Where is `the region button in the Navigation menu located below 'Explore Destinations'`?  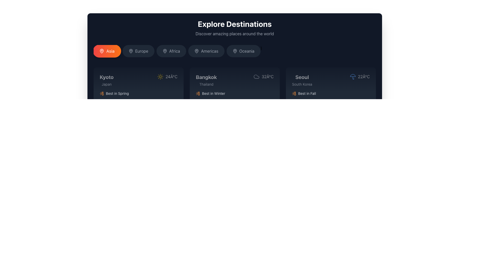
the region button in the Navigation menu located below 'Explore Destinations' is located at coordinates (234, 52).